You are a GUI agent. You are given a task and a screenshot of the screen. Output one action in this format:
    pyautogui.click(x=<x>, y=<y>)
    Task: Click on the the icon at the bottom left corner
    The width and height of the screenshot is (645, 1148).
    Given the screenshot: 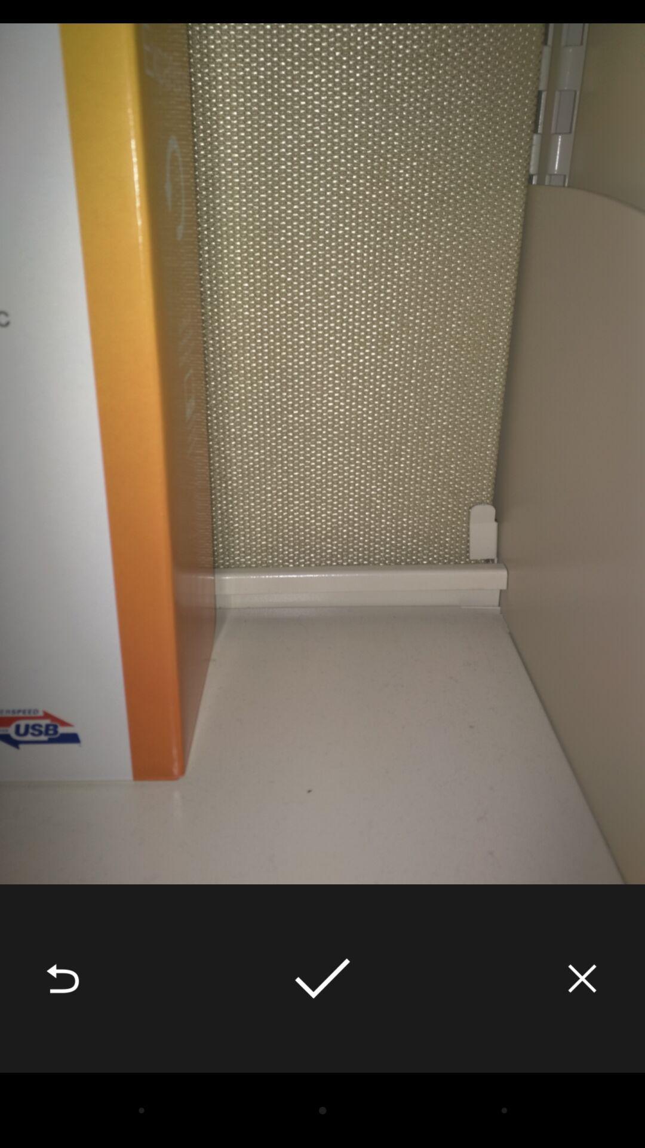 What is the action you would take?
    pyautogui.click(x=62, y=978)
    